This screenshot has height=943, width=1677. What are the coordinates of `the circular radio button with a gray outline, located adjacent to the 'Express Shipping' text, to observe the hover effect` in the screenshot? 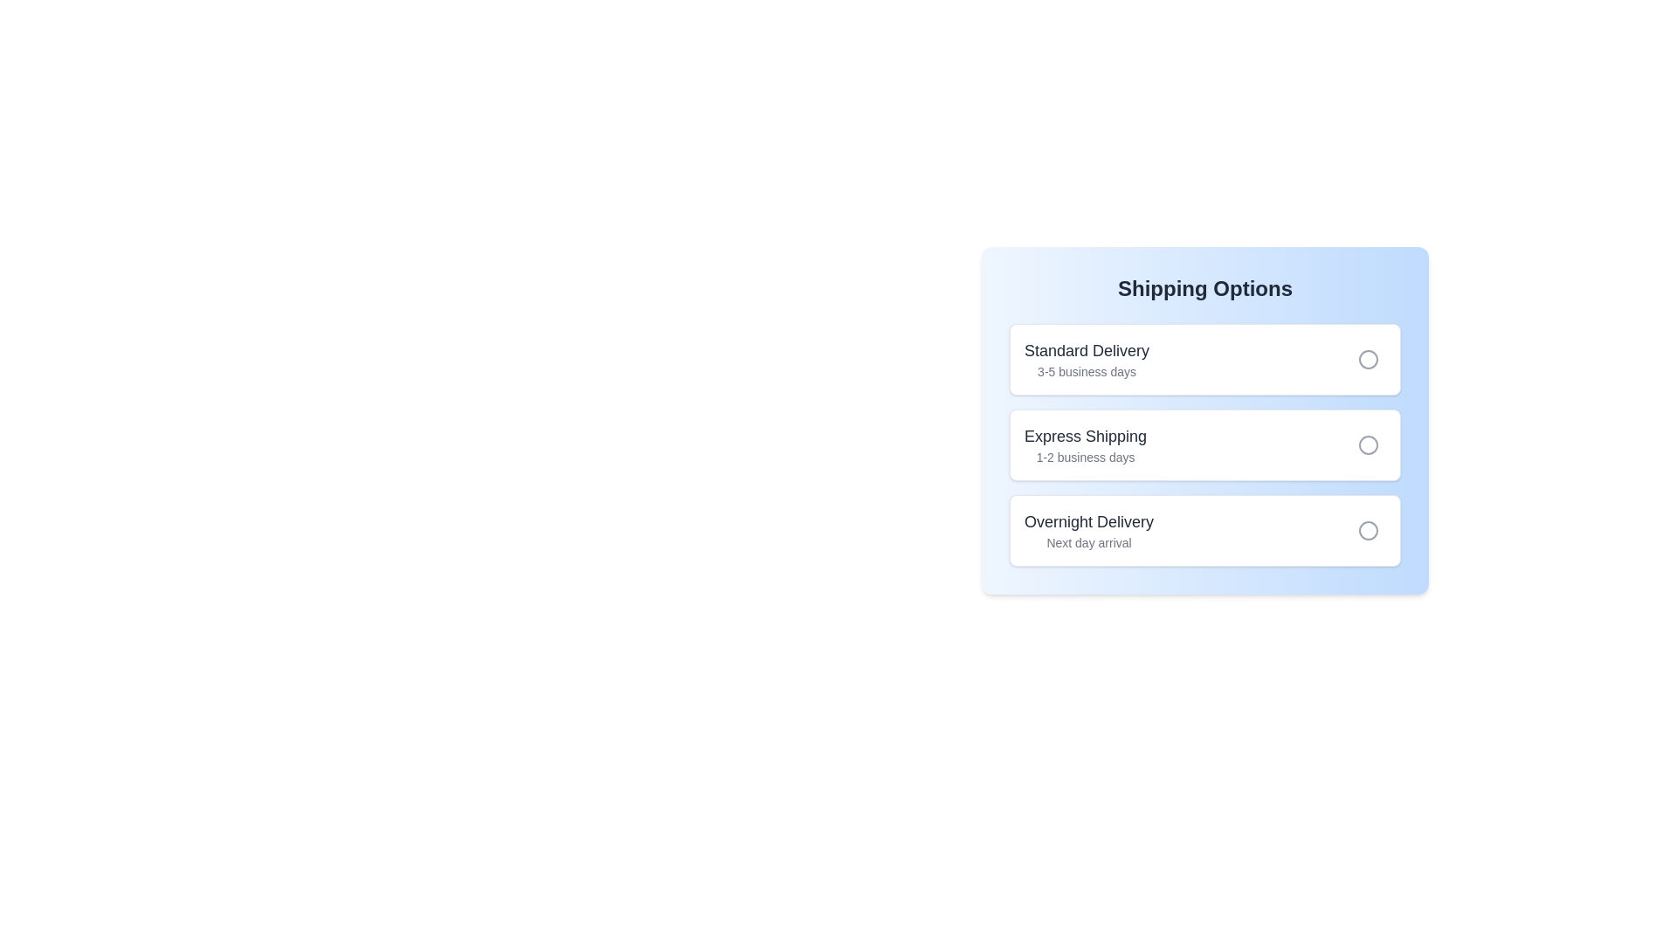 It's located at (1367, 444).